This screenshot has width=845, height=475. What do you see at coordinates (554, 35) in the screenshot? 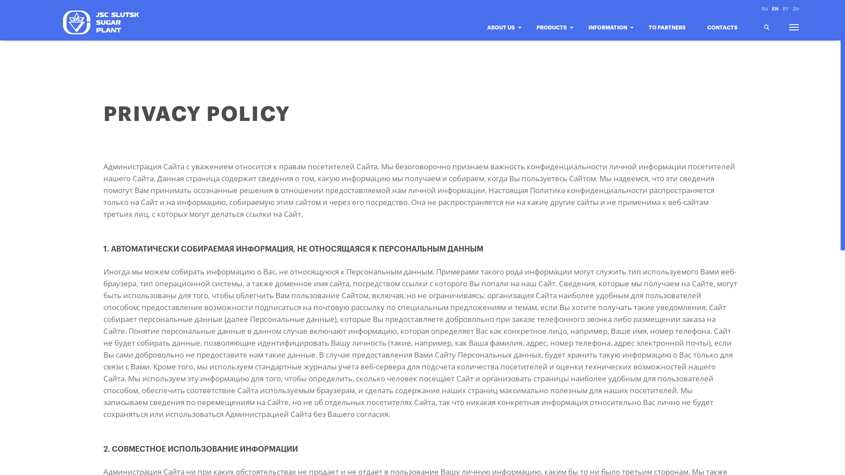
I see `'PRODUCTS'` at bounding box center [554, 35].